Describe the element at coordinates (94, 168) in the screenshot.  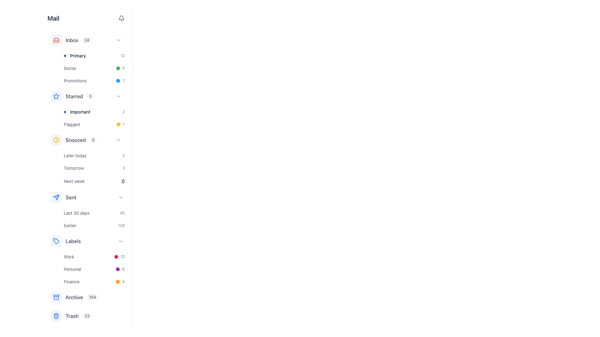
I see `the 'Tomorrow' scheduling option in the list item located beneath the 'Snoozed' section` at that location.